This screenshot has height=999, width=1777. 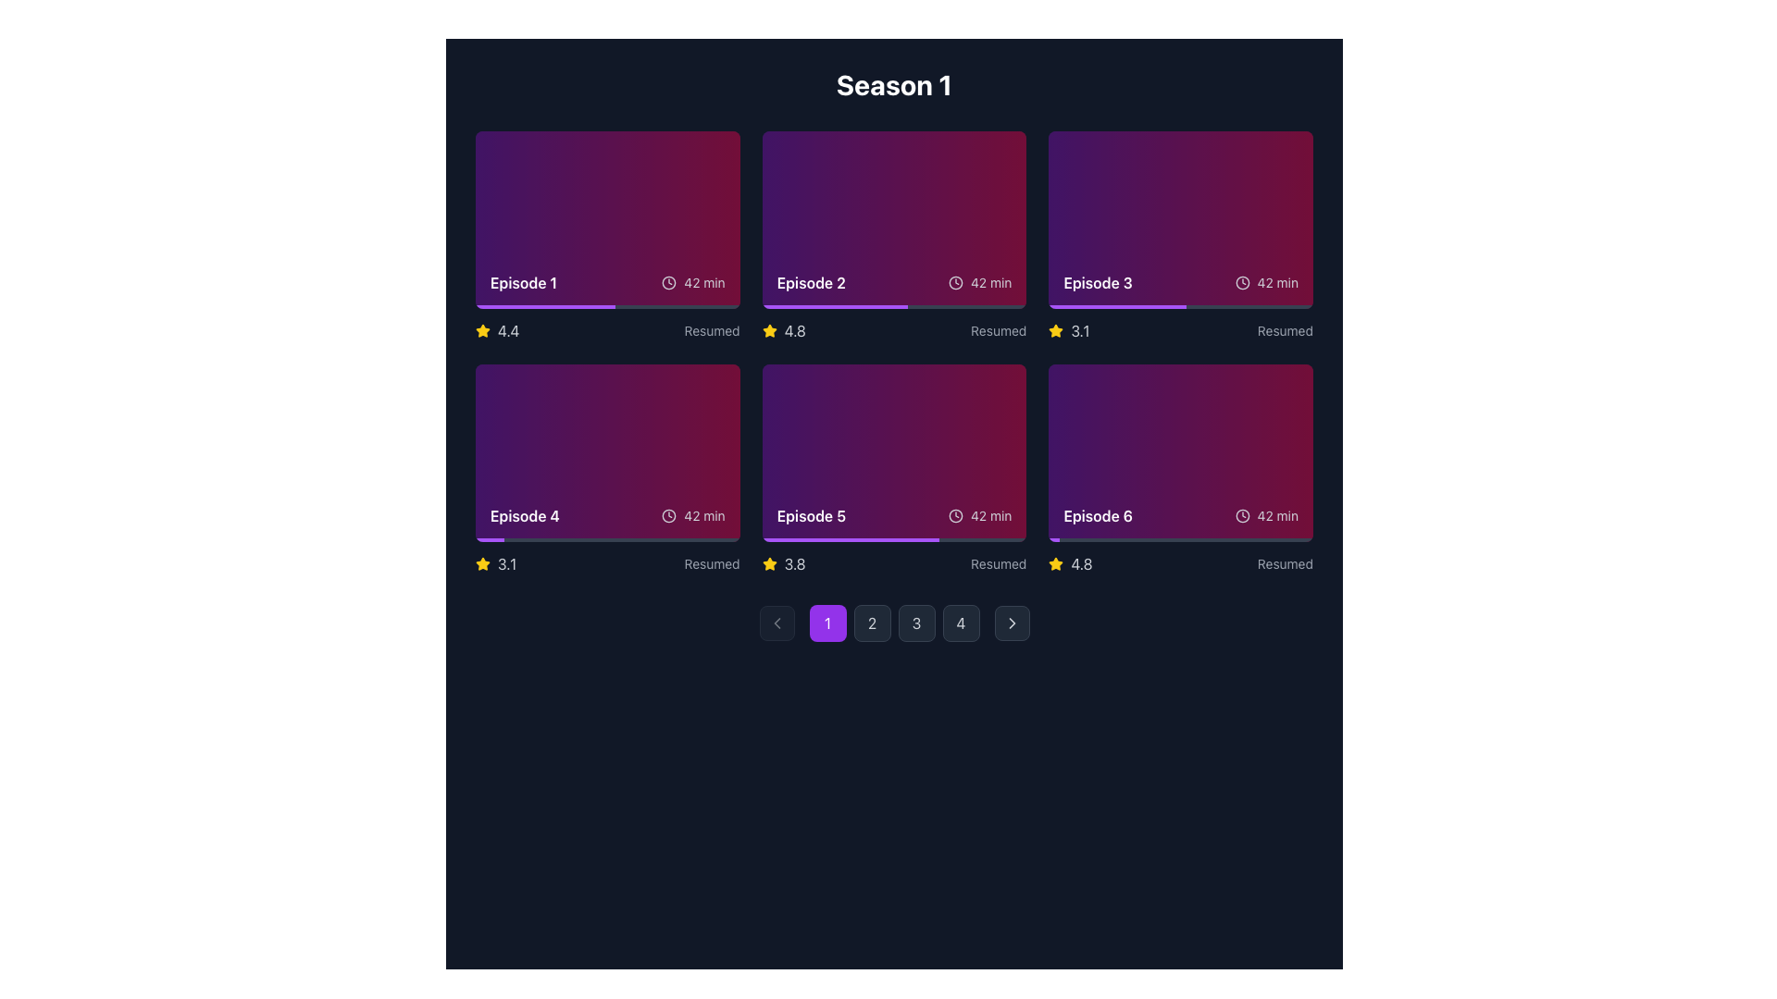 I want to click on the text label displaying the rating '3.8', which is located in the bottom section of the Episode 5 card, immediately to the right of a yellow star icon, so click(x=795, y=562).